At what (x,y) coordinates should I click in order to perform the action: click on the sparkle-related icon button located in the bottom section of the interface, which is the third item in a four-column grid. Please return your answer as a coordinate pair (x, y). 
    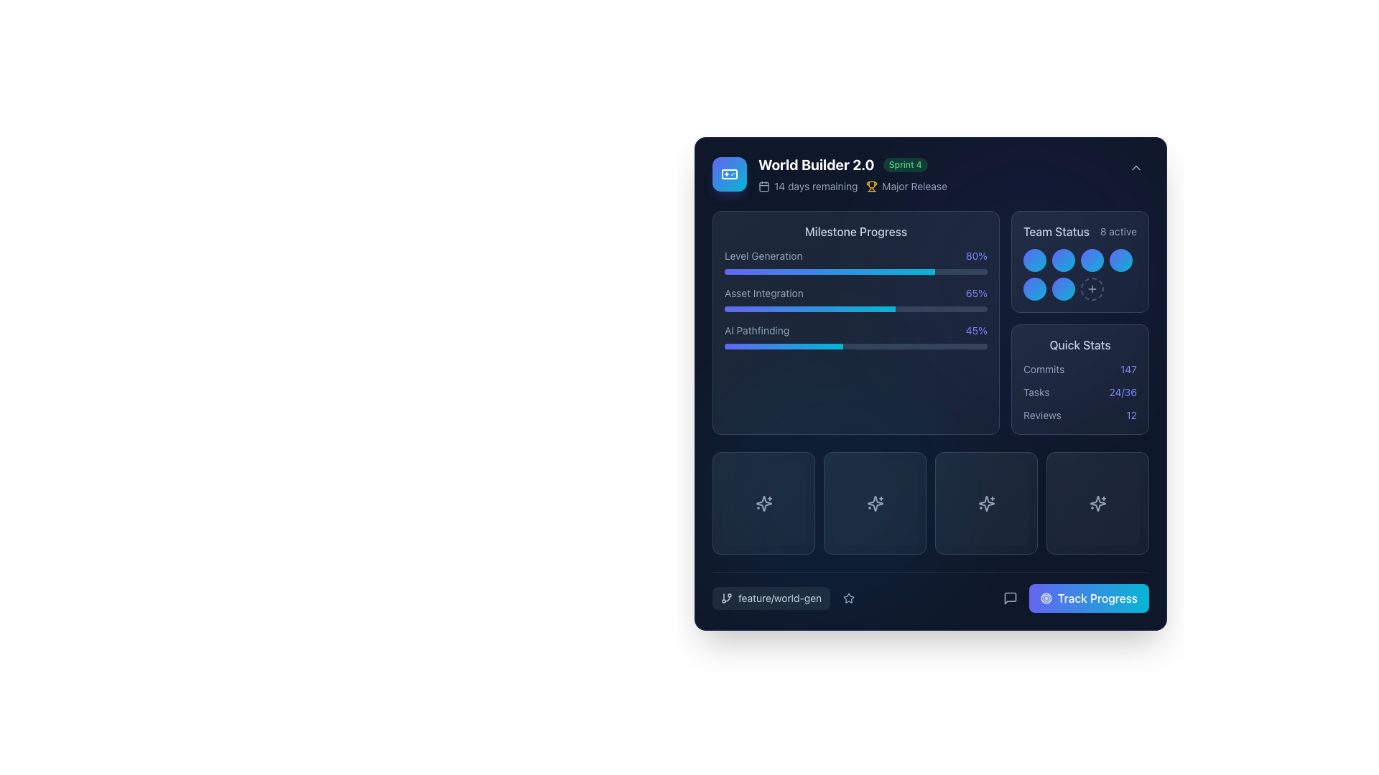
    Looking at the image, I should click on (985, 502).